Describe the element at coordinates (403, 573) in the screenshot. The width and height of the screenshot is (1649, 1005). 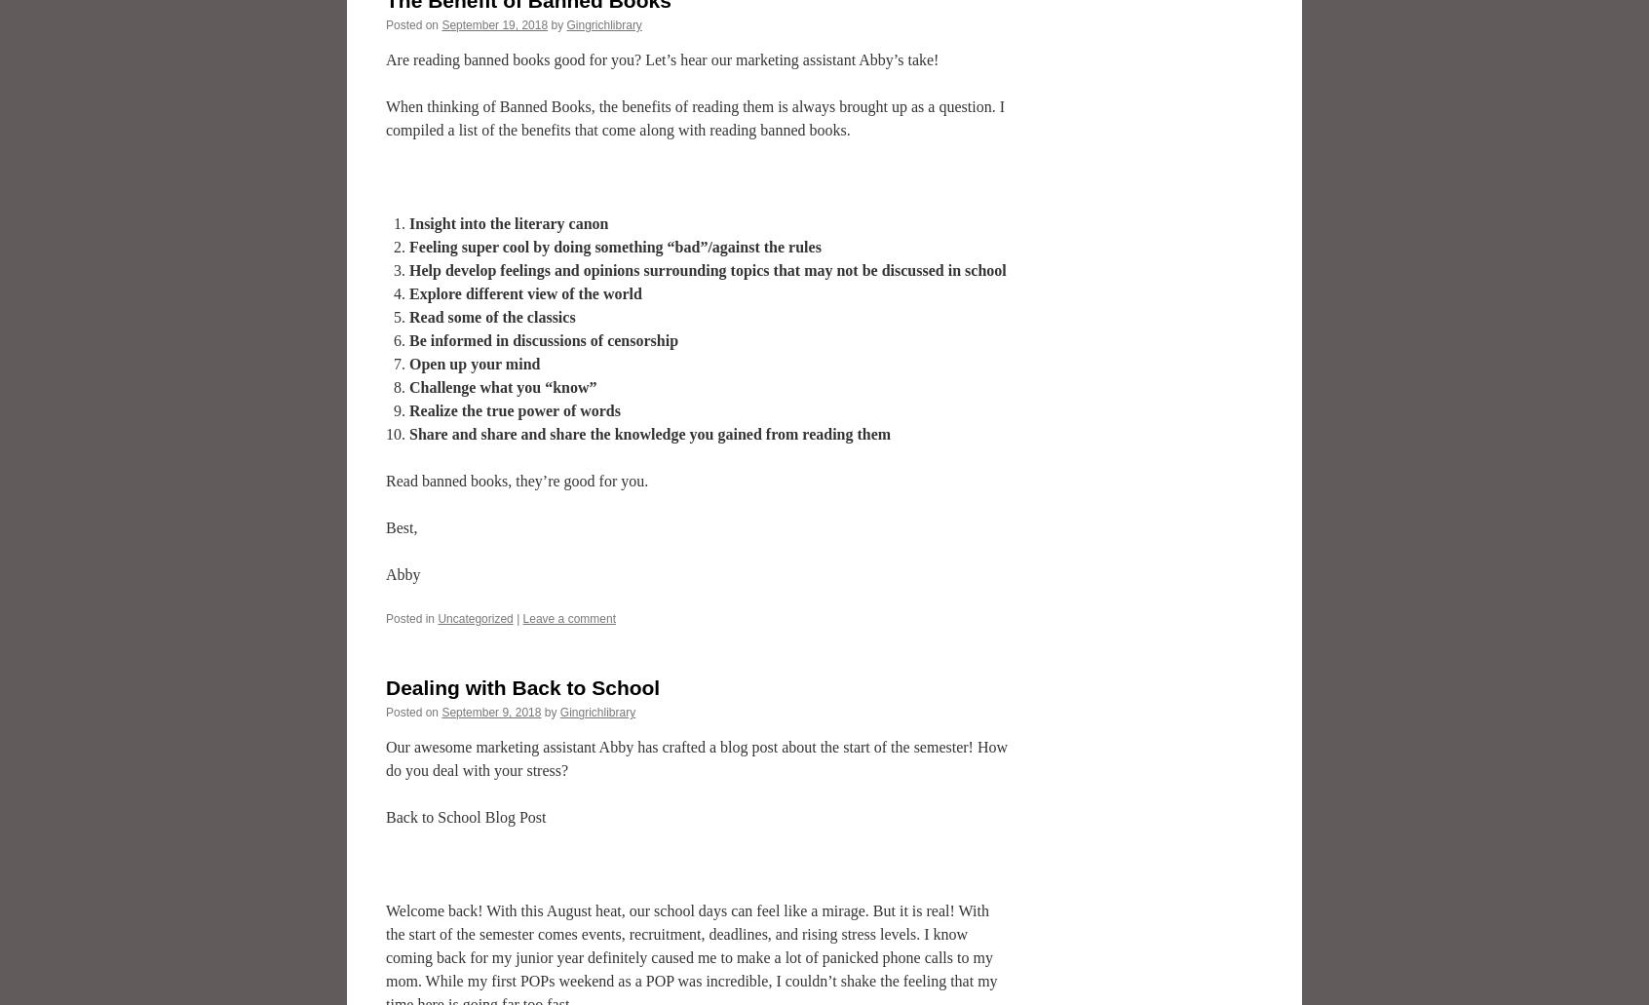
I see `'Abby'` at that location.